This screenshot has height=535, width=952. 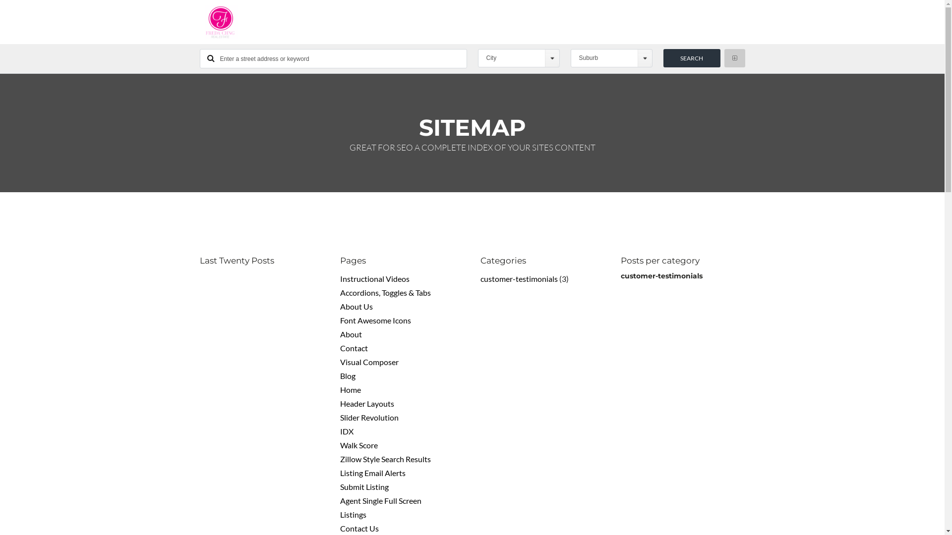 What do you see at coordinates (347, 430) in the screenshot?
I see `'IDX'` at bounding box center [347, 430].